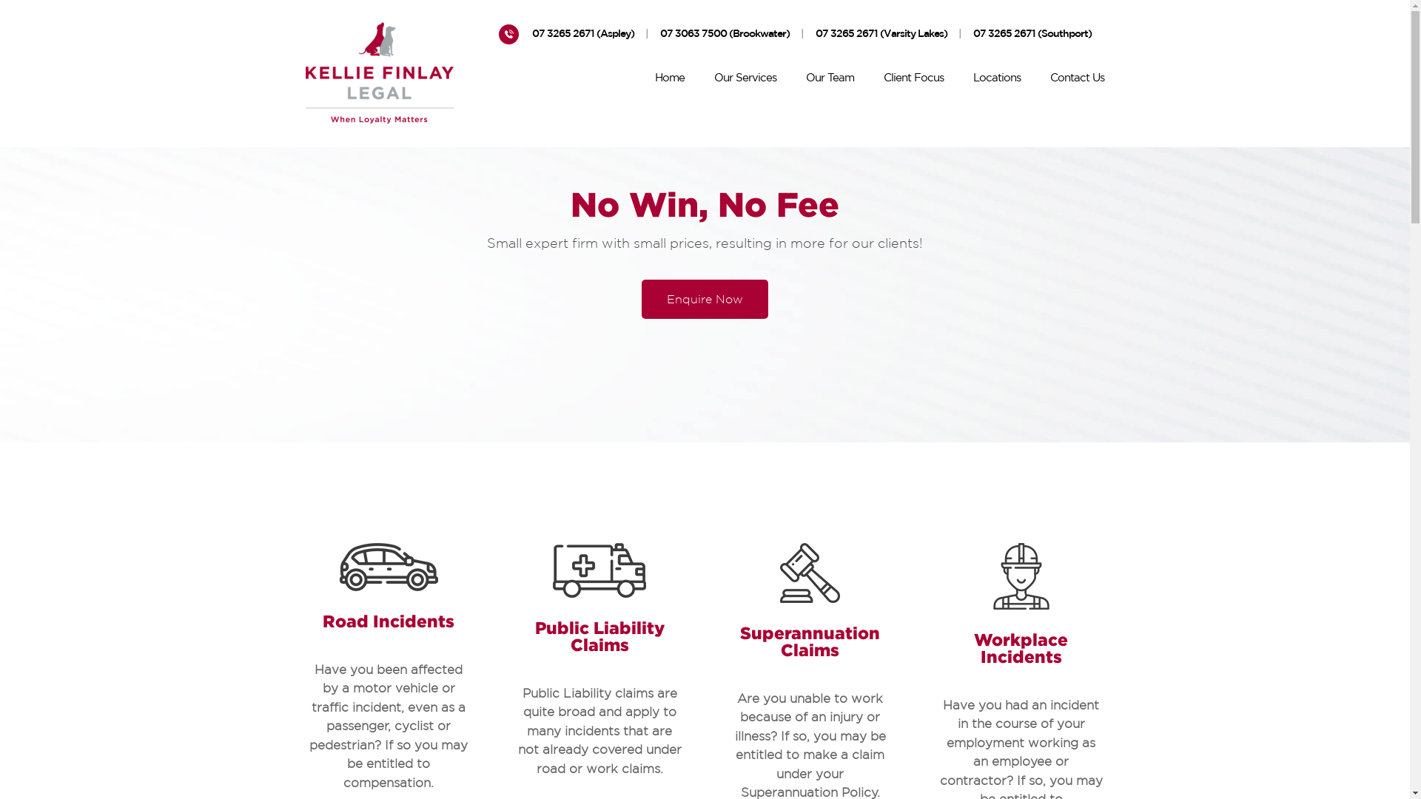  Describe the element at coordinates (704, 299) in the screenshot. I see `'Enquire Now'` at that location.